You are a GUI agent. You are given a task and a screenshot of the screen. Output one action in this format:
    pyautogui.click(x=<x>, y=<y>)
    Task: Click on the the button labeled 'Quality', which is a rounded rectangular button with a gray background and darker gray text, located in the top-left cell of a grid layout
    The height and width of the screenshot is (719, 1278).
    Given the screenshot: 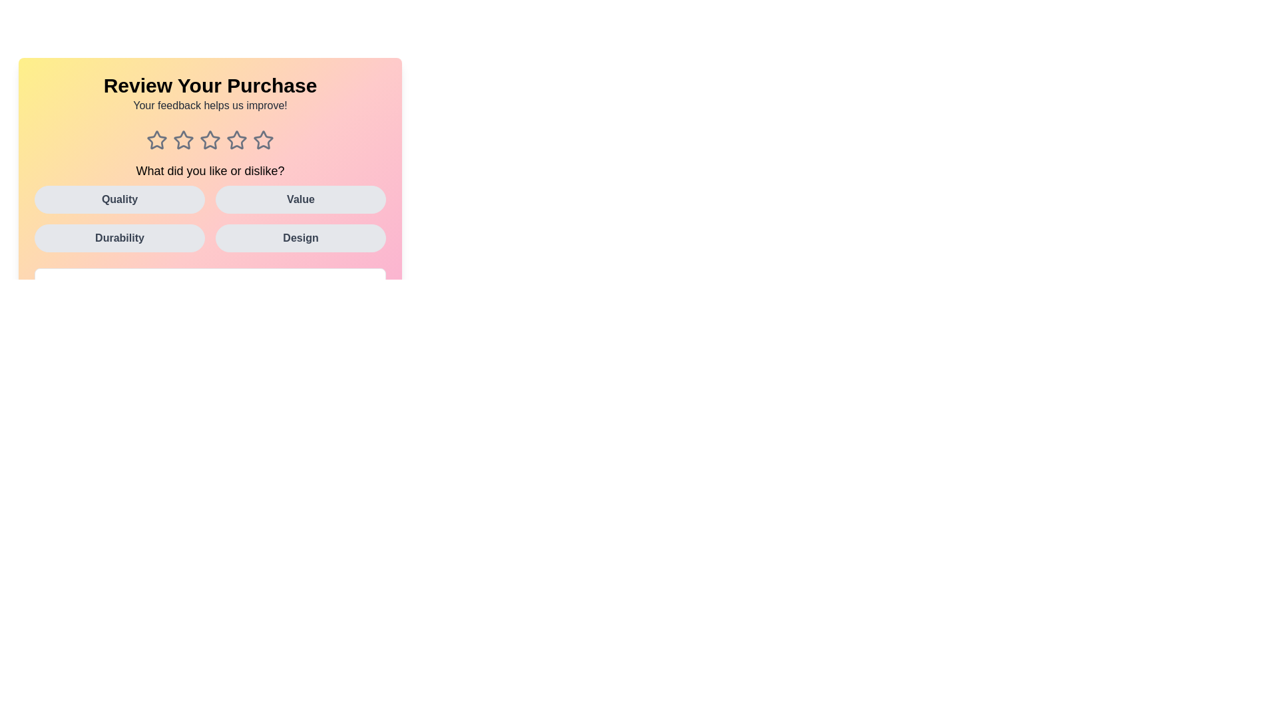 What is the action you would take?
    pyautogui.click(x=120, y=200)
    